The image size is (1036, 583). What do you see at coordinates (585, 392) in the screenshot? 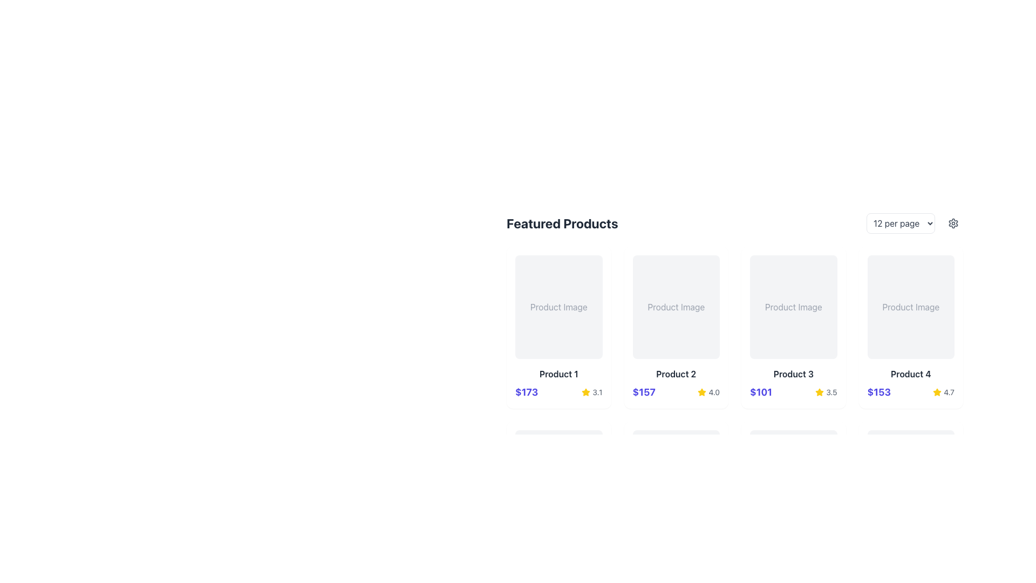
I see `the yellow star icon indicating a rating value of '3.1' located beside the text in the 'Product 1' card within the 'Featured Products' section` at bounding box center [585, 392].